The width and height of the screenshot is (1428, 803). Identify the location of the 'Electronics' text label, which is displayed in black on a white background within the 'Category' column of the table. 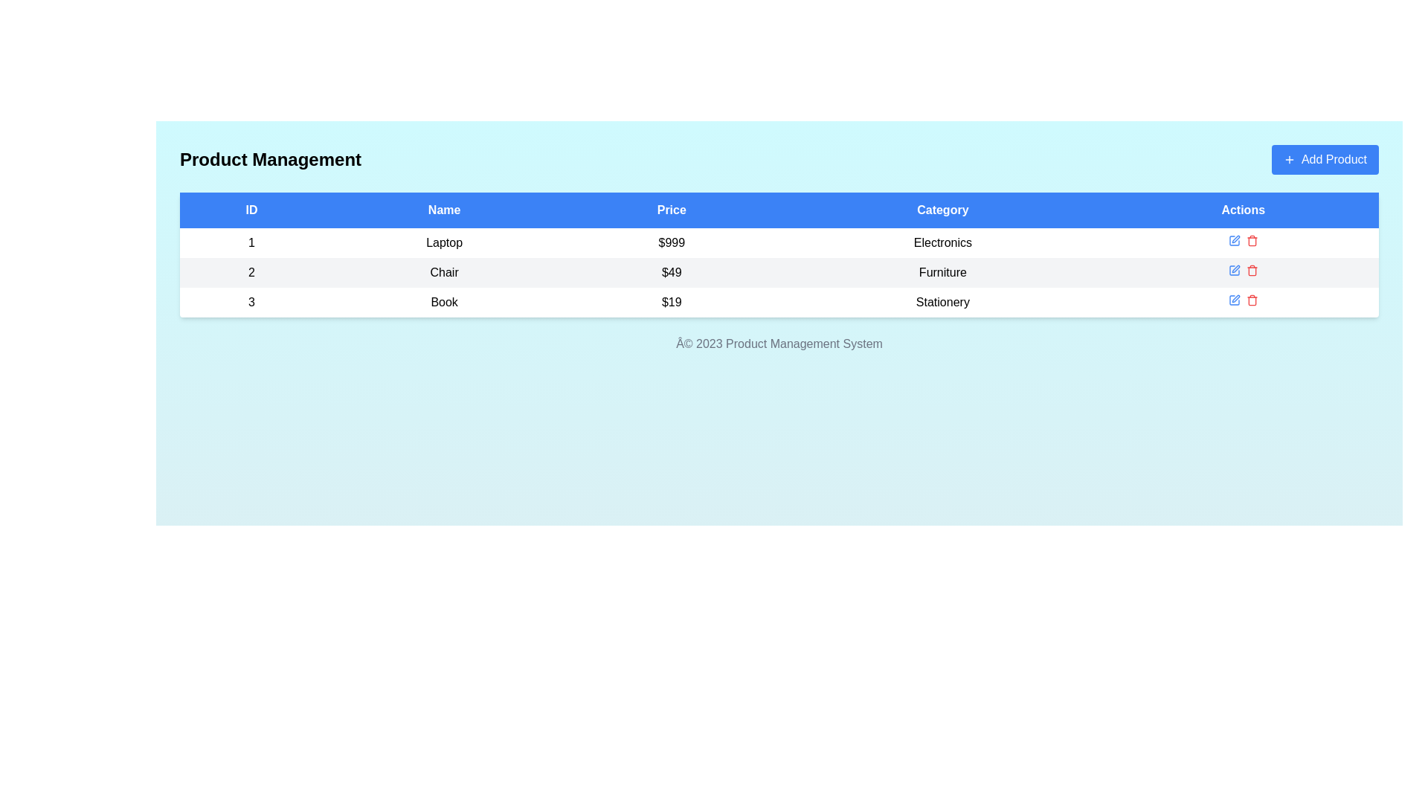
(942, 242).